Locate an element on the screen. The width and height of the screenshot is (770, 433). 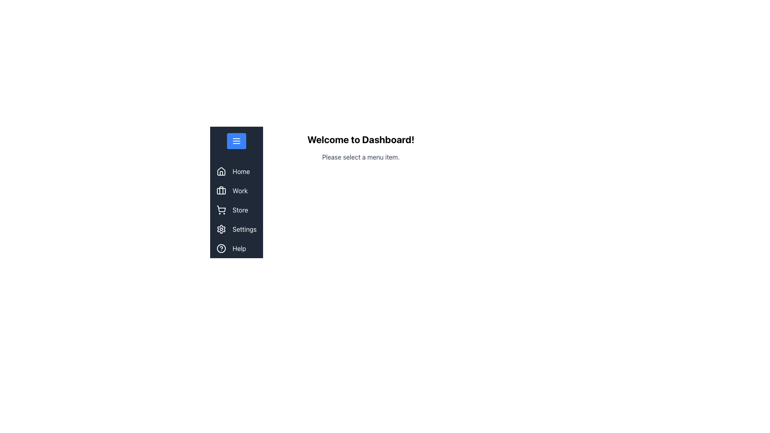
the briefcase icon located adjacent to the text 'Work' in the vertical sidebar menu is located at coordinates (221, 190).